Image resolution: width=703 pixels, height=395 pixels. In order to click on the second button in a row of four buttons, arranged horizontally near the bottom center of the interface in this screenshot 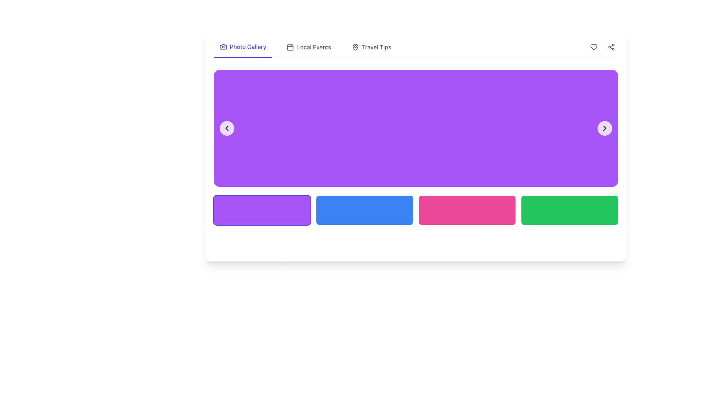, I will do `click(364, 210)`.